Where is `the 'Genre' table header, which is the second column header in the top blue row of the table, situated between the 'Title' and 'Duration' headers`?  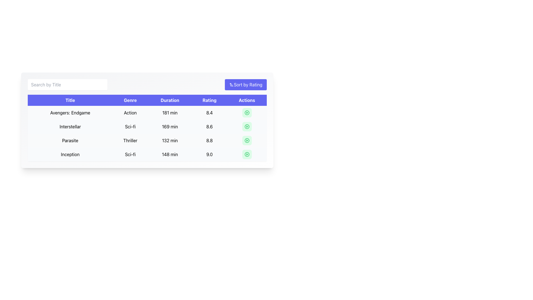
the 'Genre' table header, which is the second column header in the top blue row of the table, situated between the 'Title' and 'Duration' headers is located at coordinates (130, 100).